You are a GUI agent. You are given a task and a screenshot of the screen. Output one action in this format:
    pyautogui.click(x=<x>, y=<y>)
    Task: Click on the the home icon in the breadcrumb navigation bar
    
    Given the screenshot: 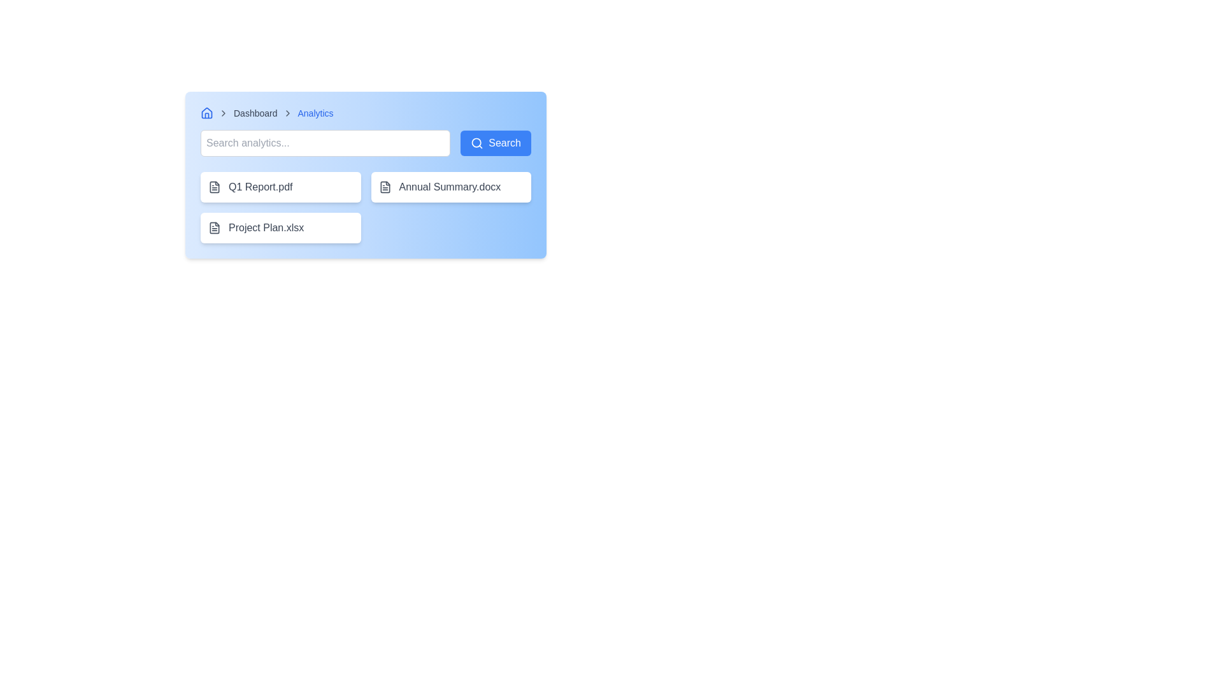 What is the action you would take?
    pyautogui.click(x=207, y=112)
    